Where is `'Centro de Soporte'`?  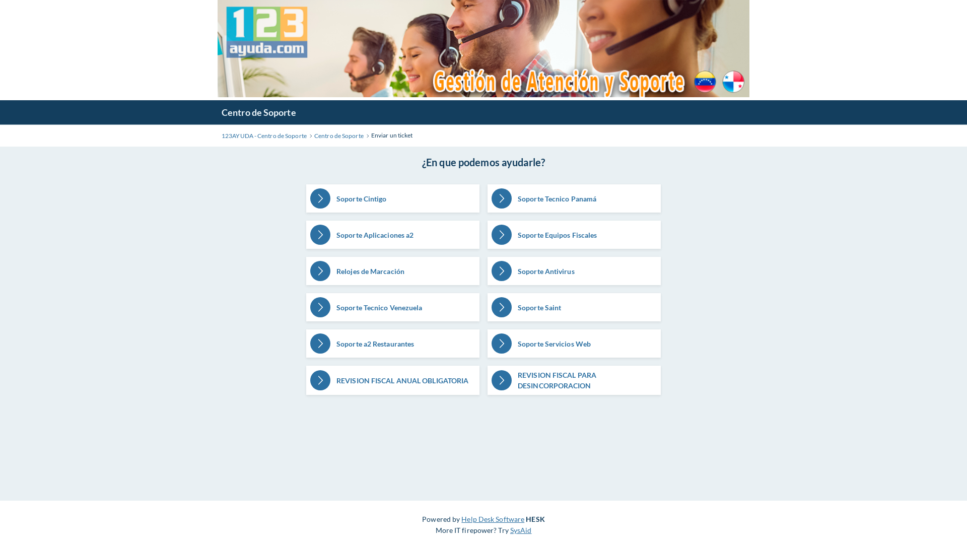
'Centro de Soporte' is located at coordinates (338, 136).